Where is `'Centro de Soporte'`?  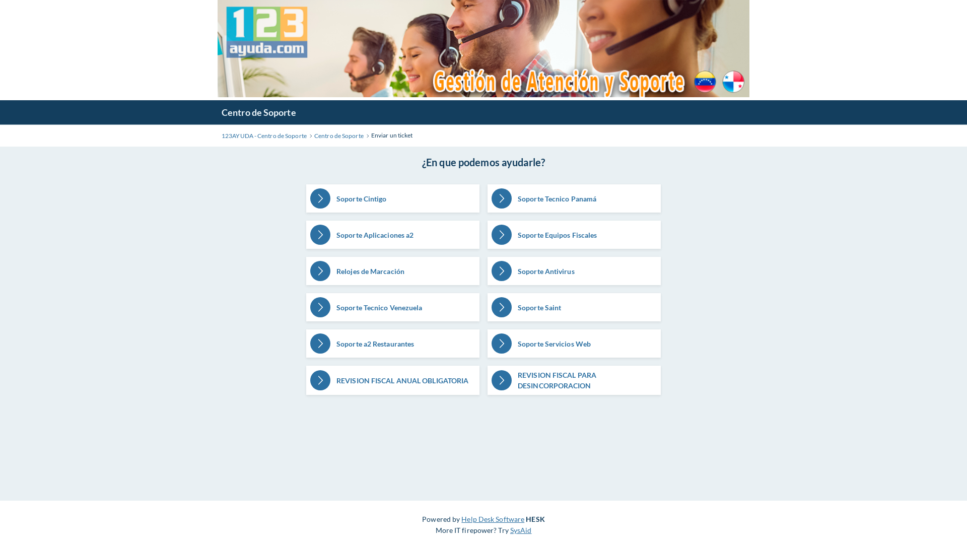
'Centro de Soporte' is located at coordinates (338, 136).